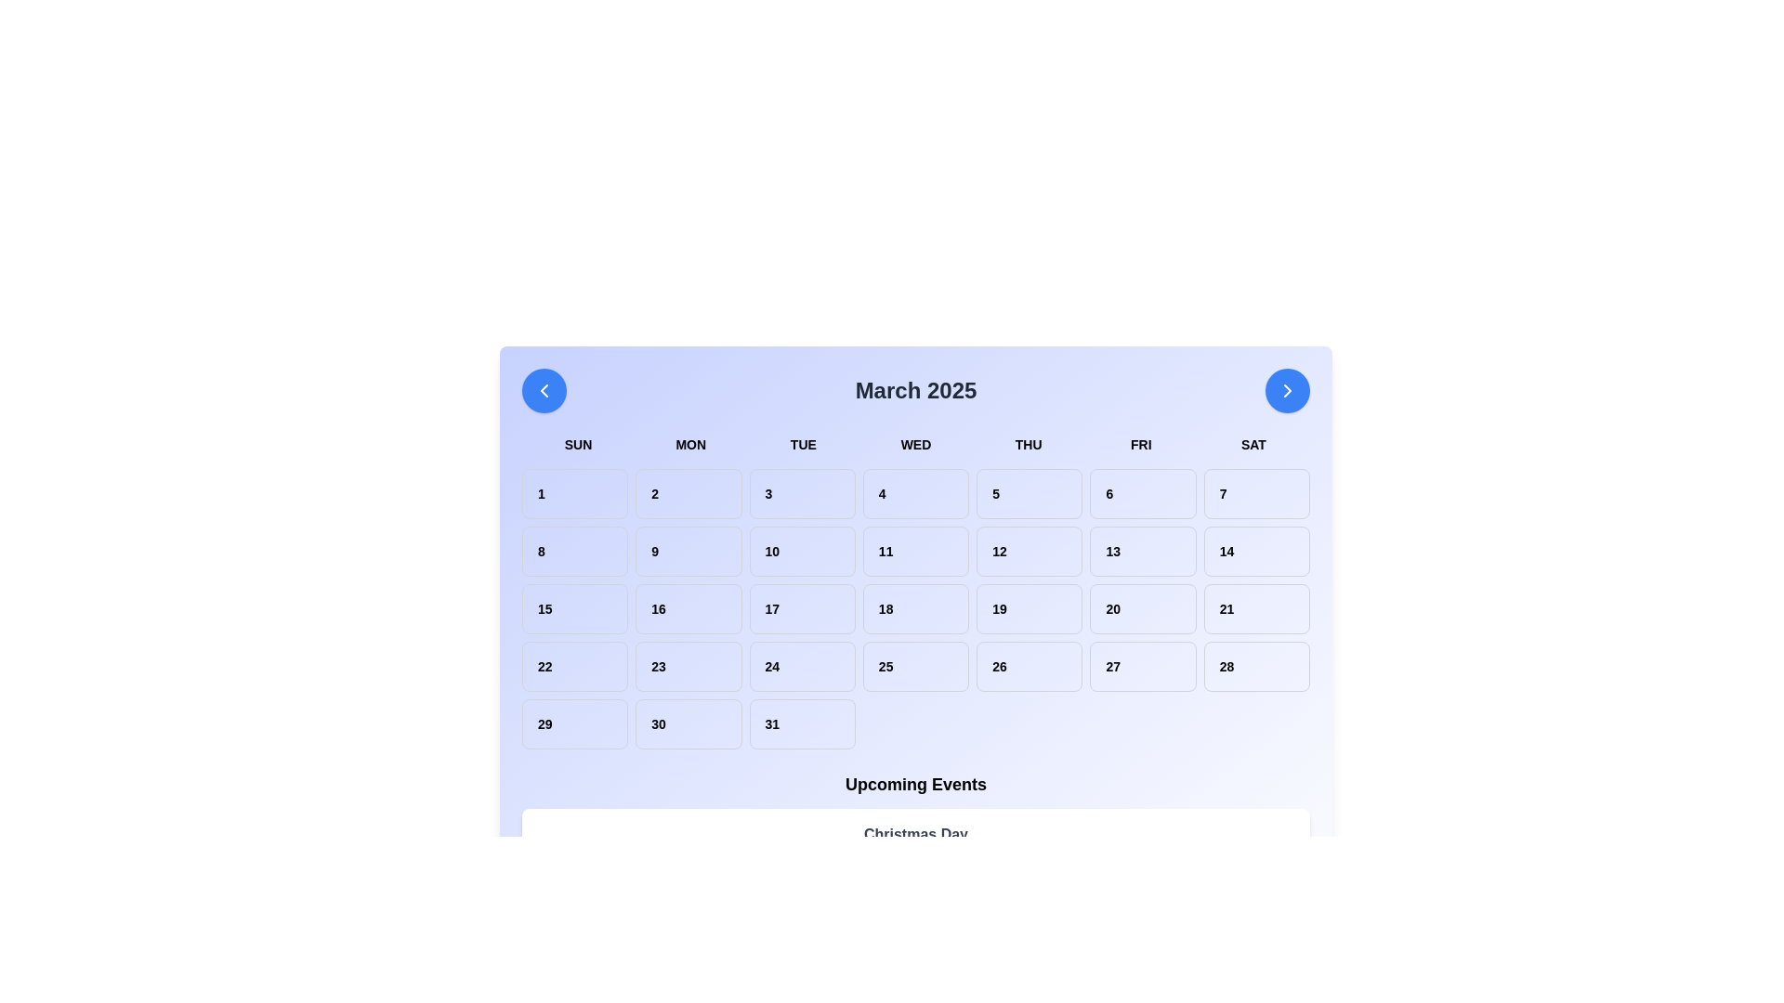  I want to click on the calendar button representing the 29th day, so click(574, 723).